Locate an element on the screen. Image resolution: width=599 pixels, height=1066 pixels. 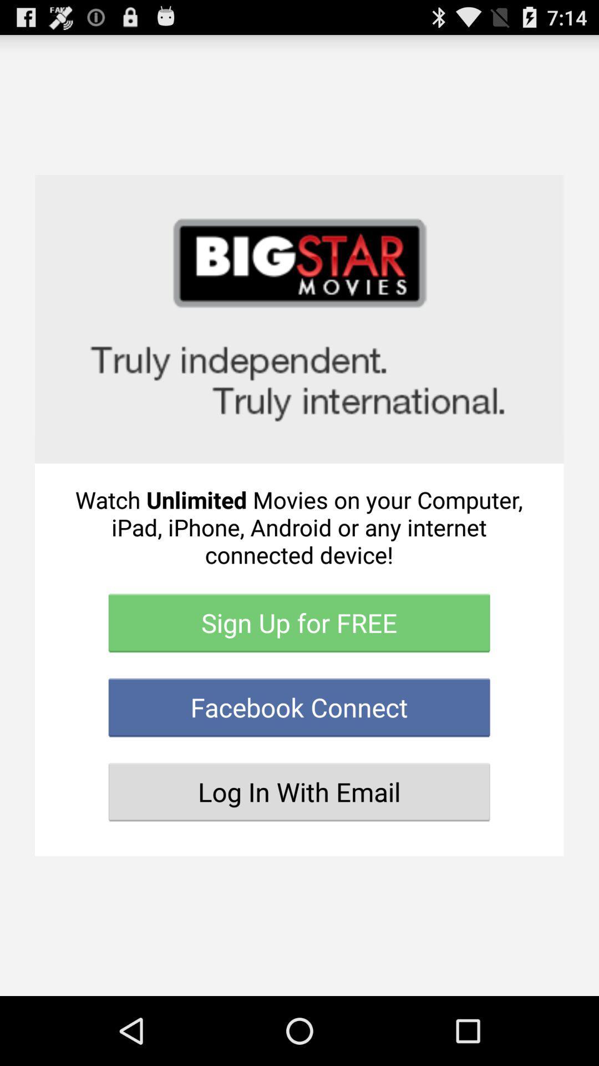
the icon above log in with button is located at coordinates (298, 707).